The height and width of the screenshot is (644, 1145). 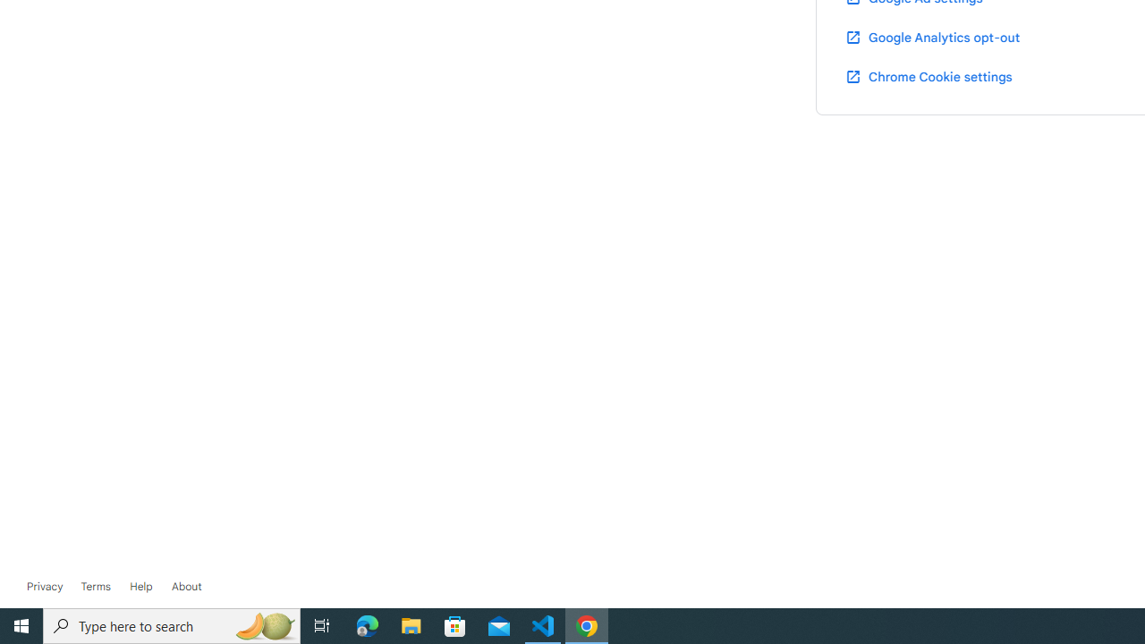 What do you see at coordinates (321, 624) in the screenshot?
I see `'Task View'` at bounding box center [321, 624].